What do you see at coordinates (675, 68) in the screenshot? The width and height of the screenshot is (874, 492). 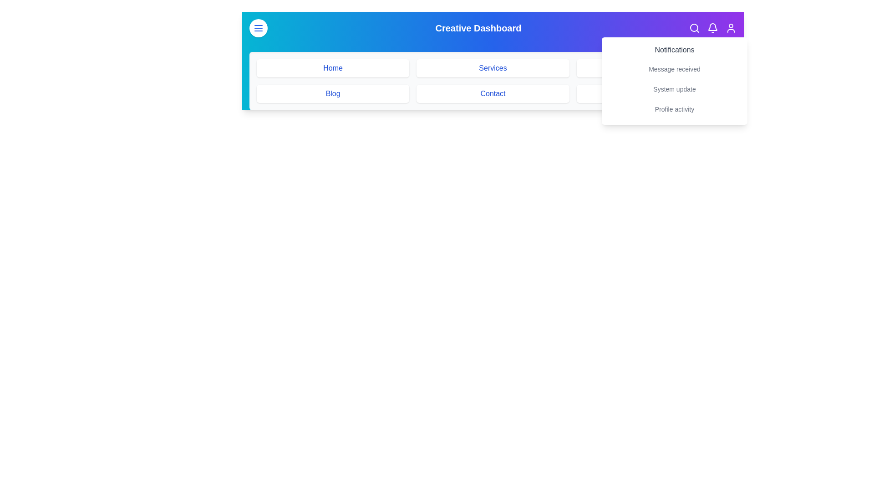 I see `the notification item 'Message received' from the list in the notifications panel` at bounding box center [675, 68].